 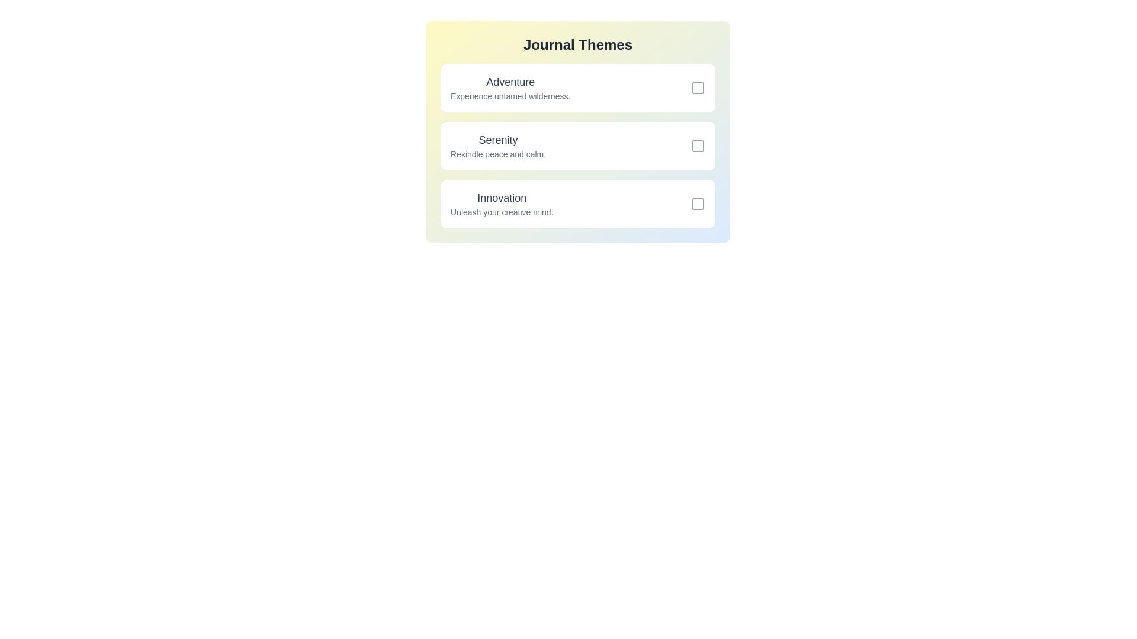 What do you see at coordinates (698, 88) in the screenshot?
I see `the interactive checkbox for the 'Adventure' option located in the upper-right corner of the card labeled 'Adventure' within the 'Journal Themes' section` at bounding box center [698, 88].